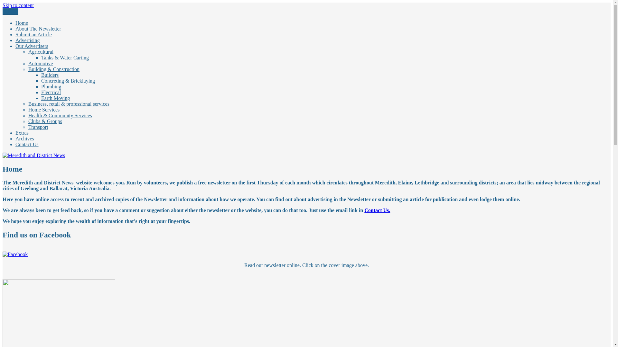 This screenshot has width=618, height=347. I want to click on 'Clubs & Groups', so click(45, 121).